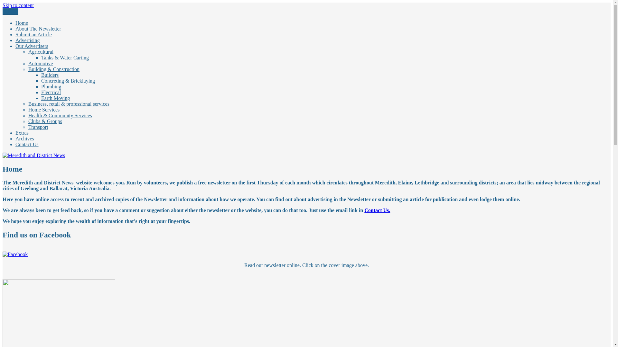 This screenshot has width=618, height=347. I want to click on 'Clubs & Groups', so click(45, 121).